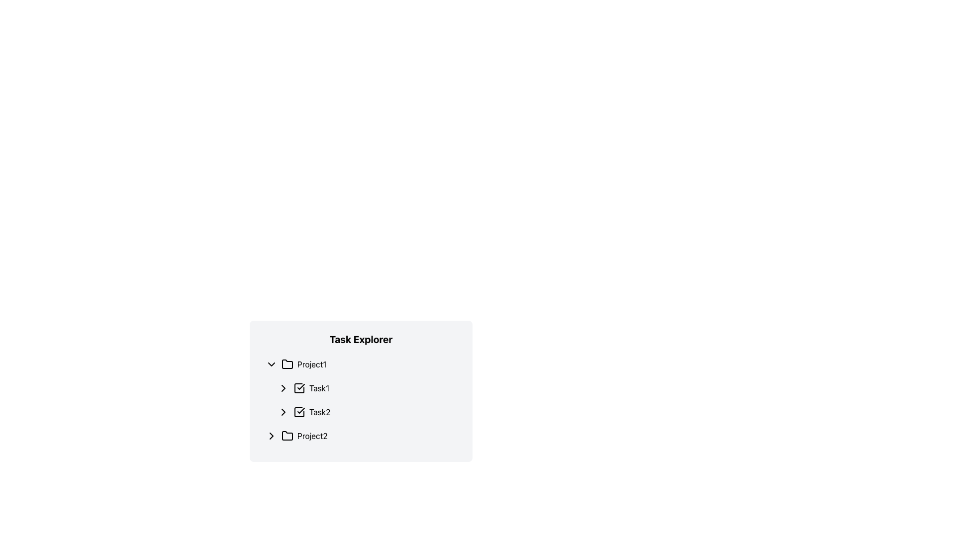 The width and height of the screenshot is (955, 537). Describe the element at coordinates (286, 364) in the screenshot. I see `the compact folder icon located to the left of the text 'Project1' in the 'Task Explorer' panel to interact with it` at that location.